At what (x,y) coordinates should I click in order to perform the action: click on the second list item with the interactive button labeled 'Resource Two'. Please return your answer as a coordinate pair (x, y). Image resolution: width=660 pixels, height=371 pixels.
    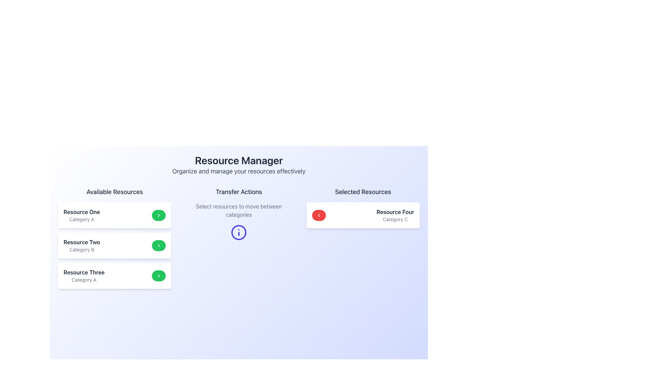
    Looking at the image, I should click on (114, 245).